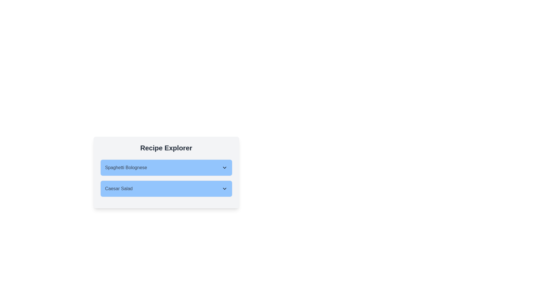 The image size is (546, 307). What do you see at coordinates (224, 167) in the screenshot?
I see `the Dropdown toggle chevron icon, a small downward-pointing arrow located near the right edge of the blue area containing 'Spaghetti Bolognese'` at bounding box center [224, 167].